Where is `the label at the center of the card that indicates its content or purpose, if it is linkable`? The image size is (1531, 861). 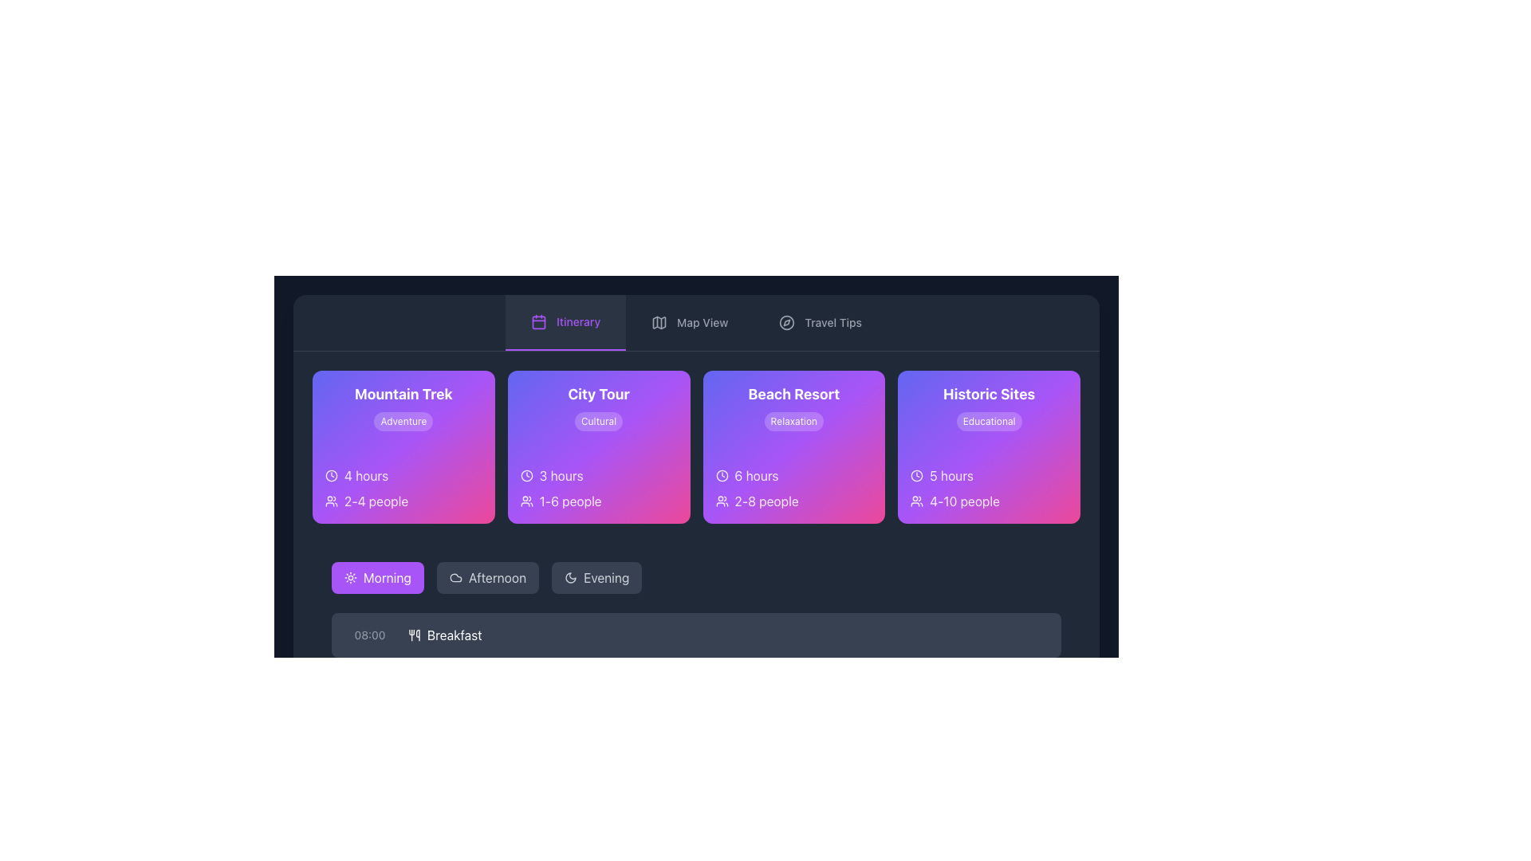 the label at the center of the card that indicates its content or purpose, if it is linkable is located at coordinates (598, 394).